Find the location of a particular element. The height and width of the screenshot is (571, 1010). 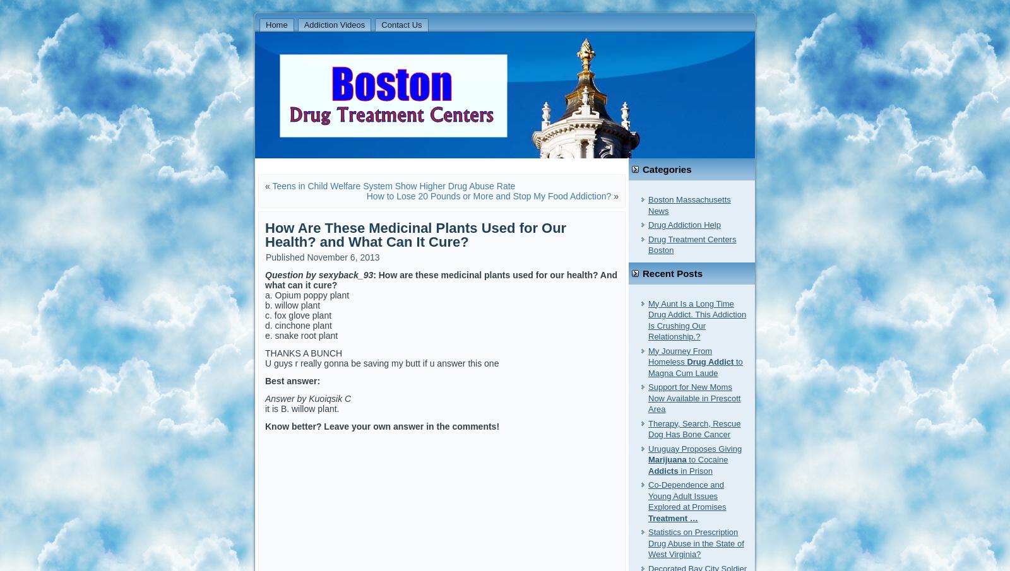

'Co-Dependence and Young Adult Issues Explored at Promises' is located at coordinates (687, 495).